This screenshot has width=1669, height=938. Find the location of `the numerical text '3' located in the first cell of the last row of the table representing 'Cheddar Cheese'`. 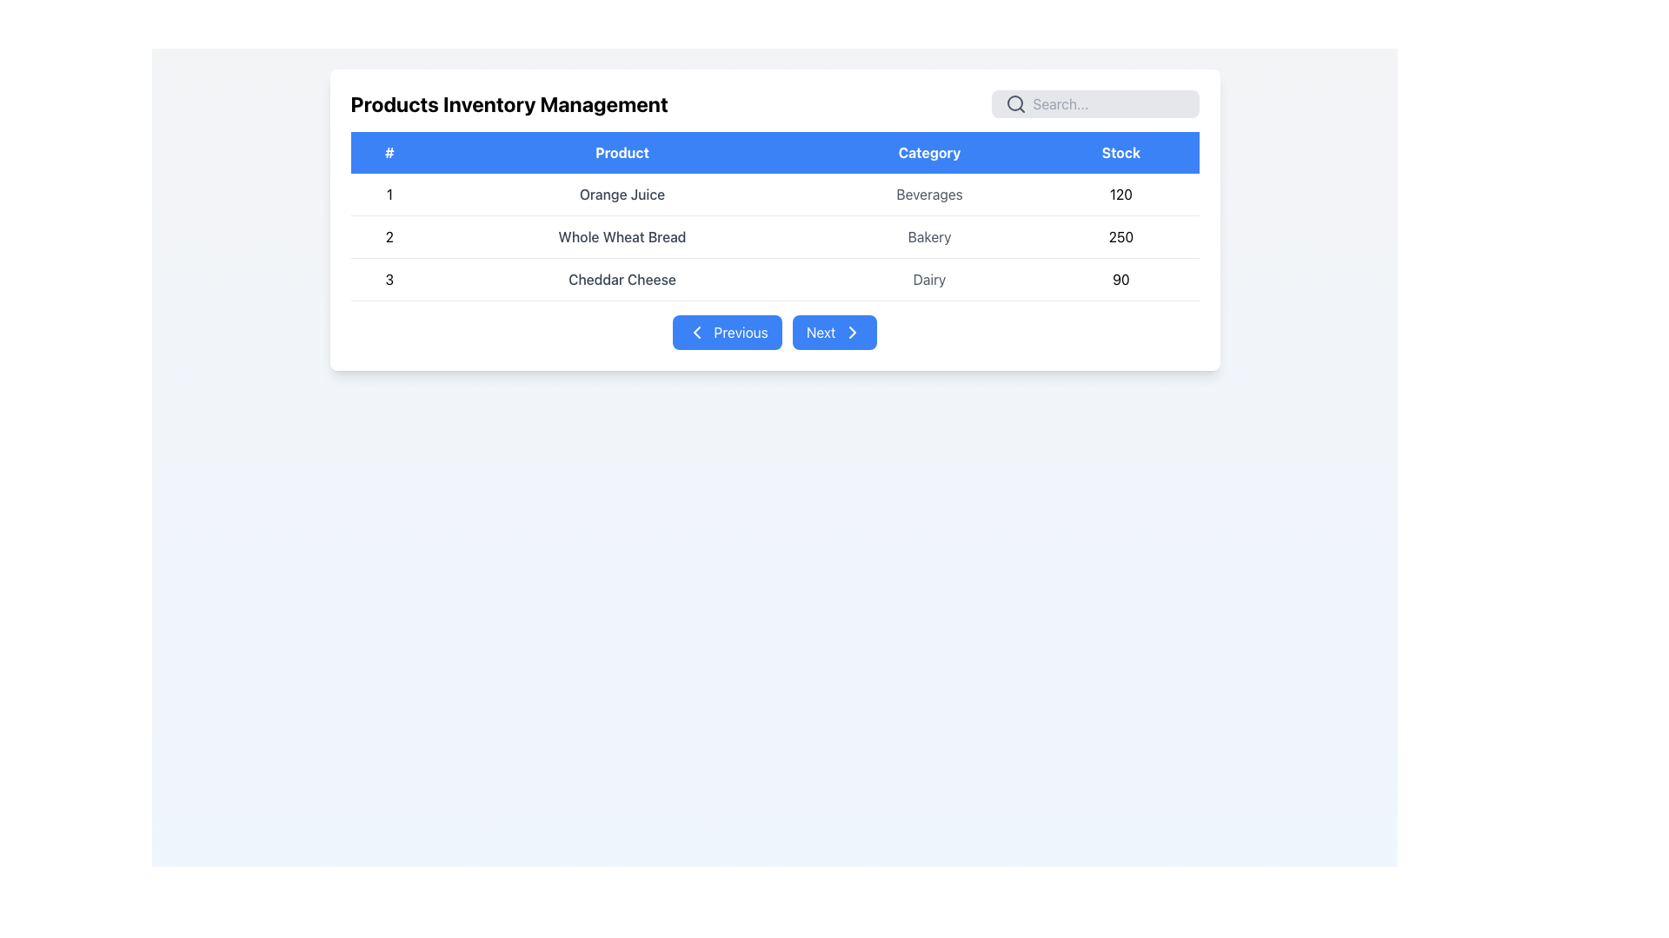

the numerical text '3' located in the first cell of the last row of the table representing 'Cheddar Cheese' is located at coordinates (389, 278).